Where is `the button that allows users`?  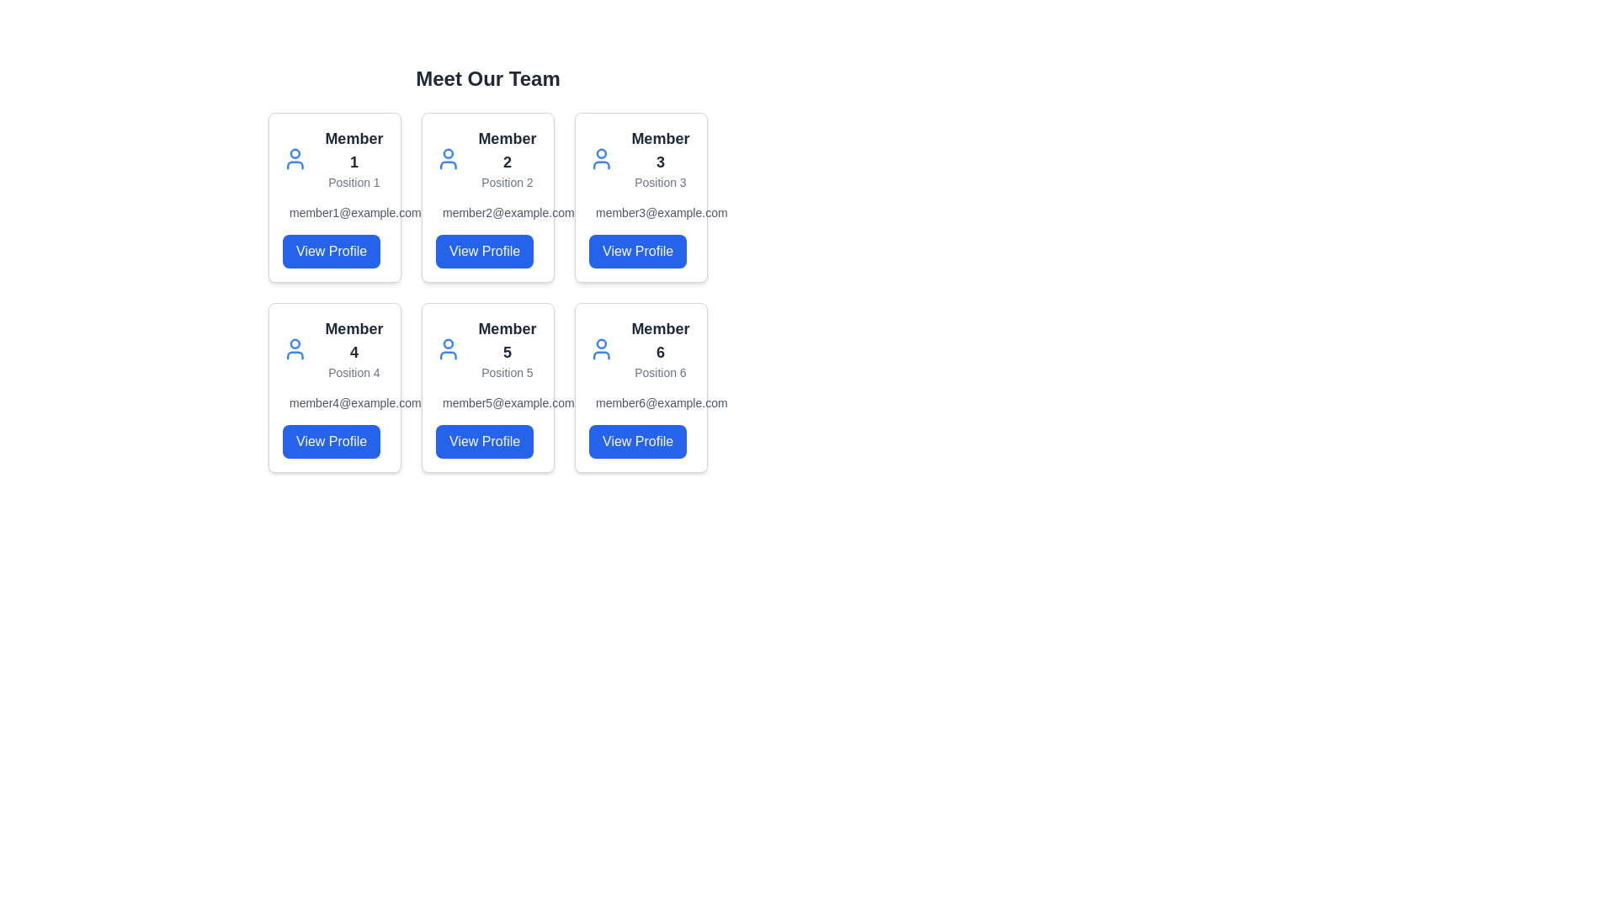
the button that allows users is located at coordinates (484, 252).